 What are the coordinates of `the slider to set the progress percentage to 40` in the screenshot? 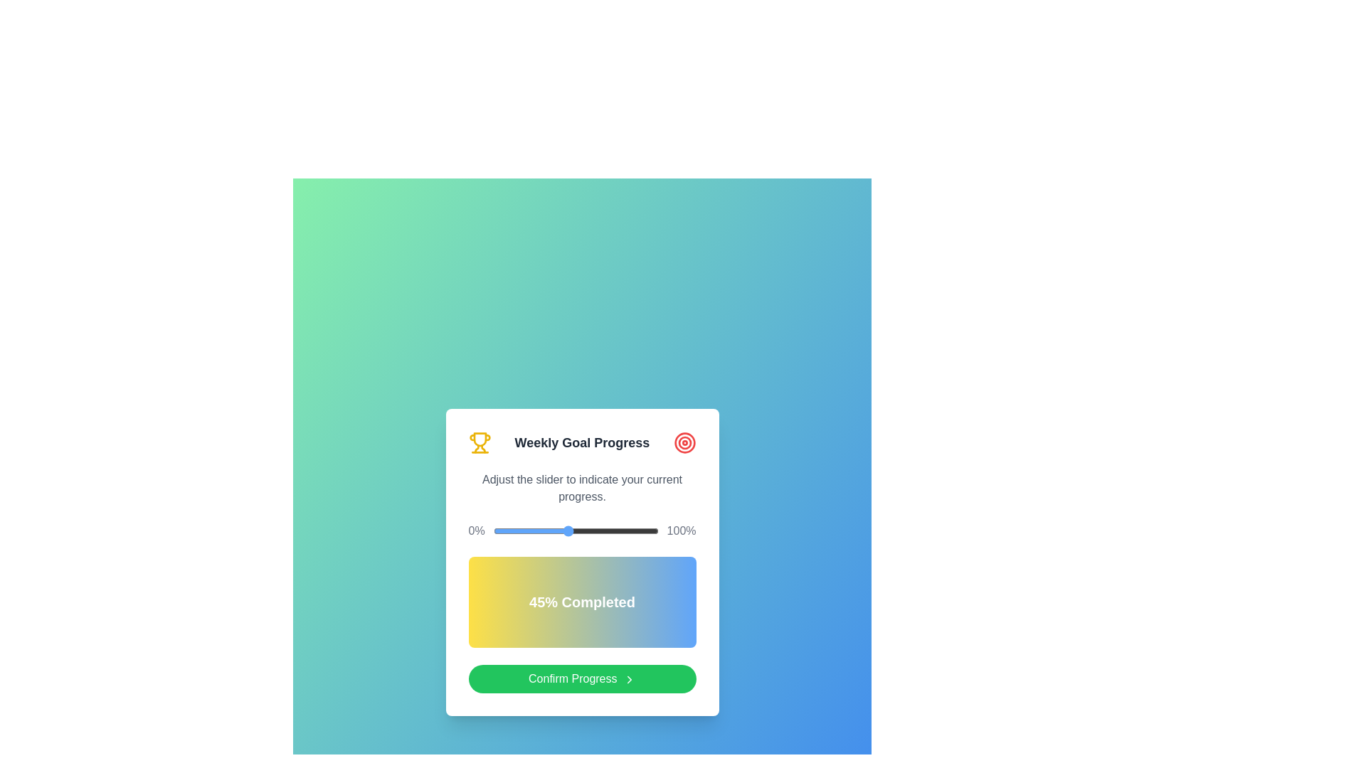 It's located at (558, 531).